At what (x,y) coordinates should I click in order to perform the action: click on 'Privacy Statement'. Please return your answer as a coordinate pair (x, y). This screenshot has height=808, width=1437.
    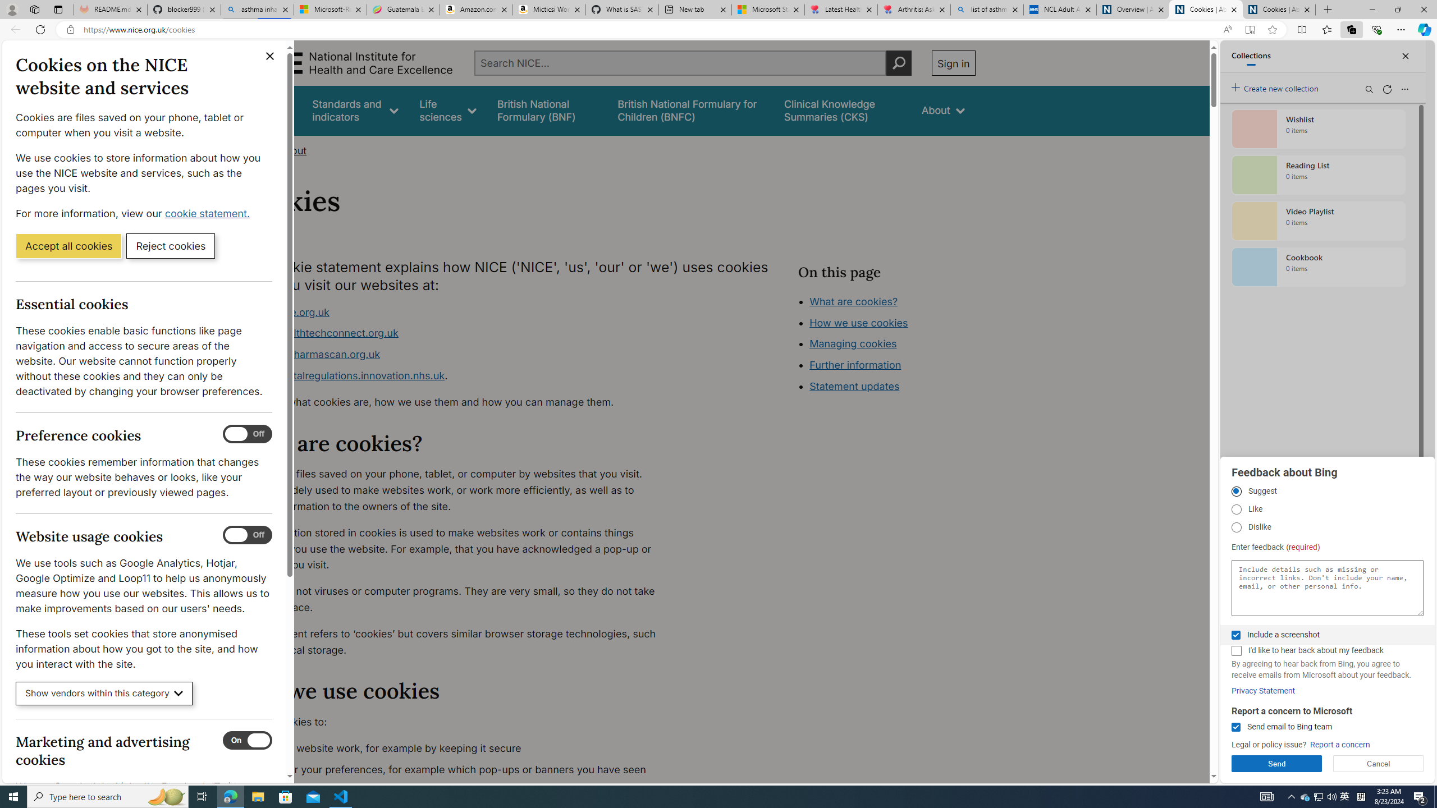
    Looking at the image, I should click on (1263, 690).